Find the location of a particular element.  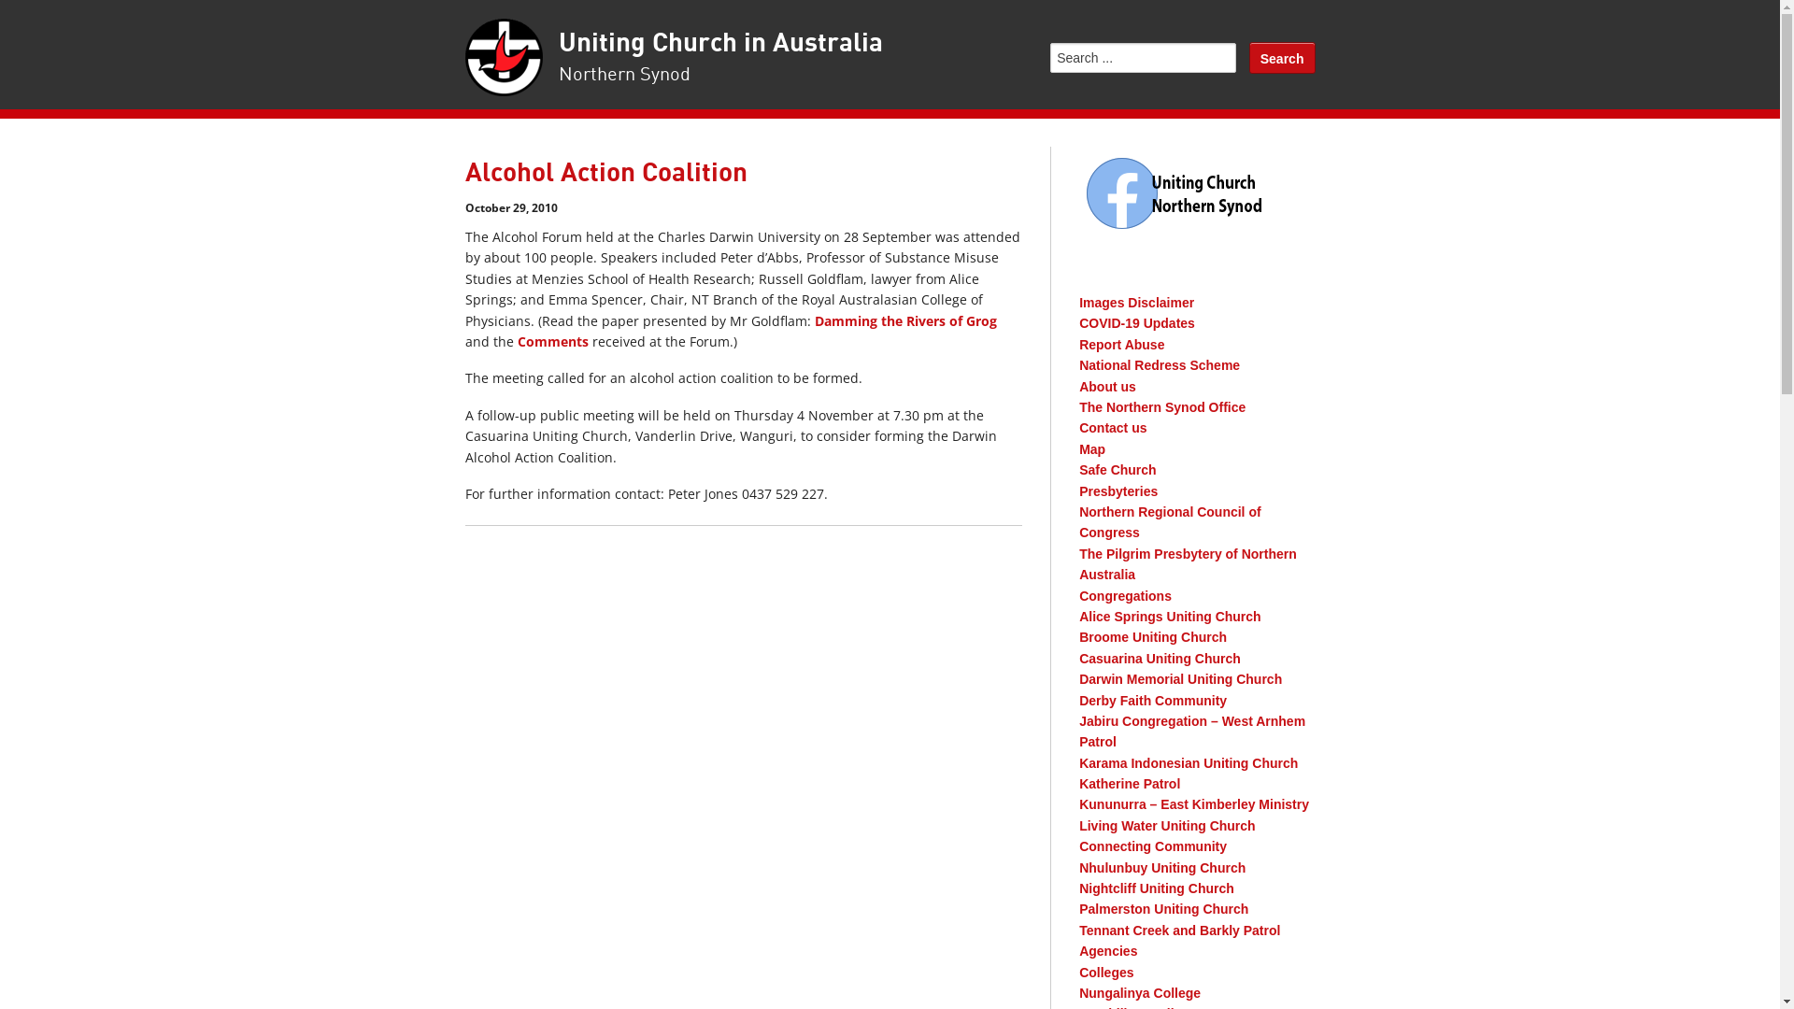

'Safe Church' is located at coordinates (1117, 468).